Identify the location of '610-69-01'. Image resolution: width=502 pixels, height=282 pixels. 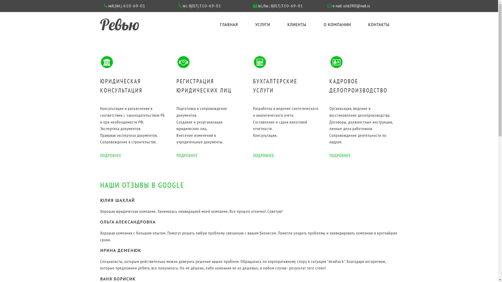
(133, 6).